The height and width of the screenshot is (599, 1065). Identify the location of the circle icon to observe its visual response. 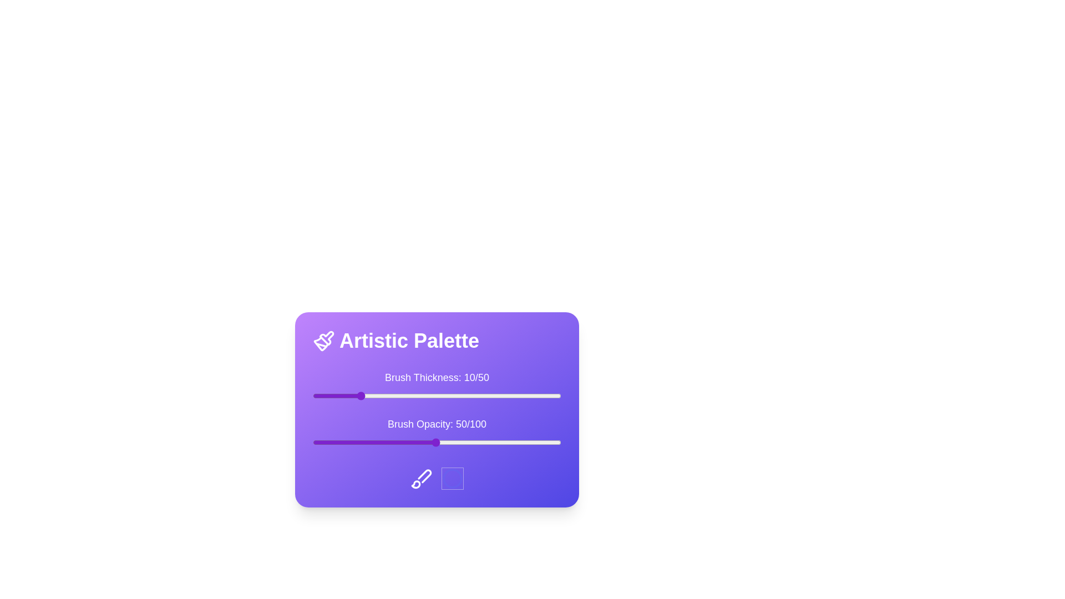
(453, 478).